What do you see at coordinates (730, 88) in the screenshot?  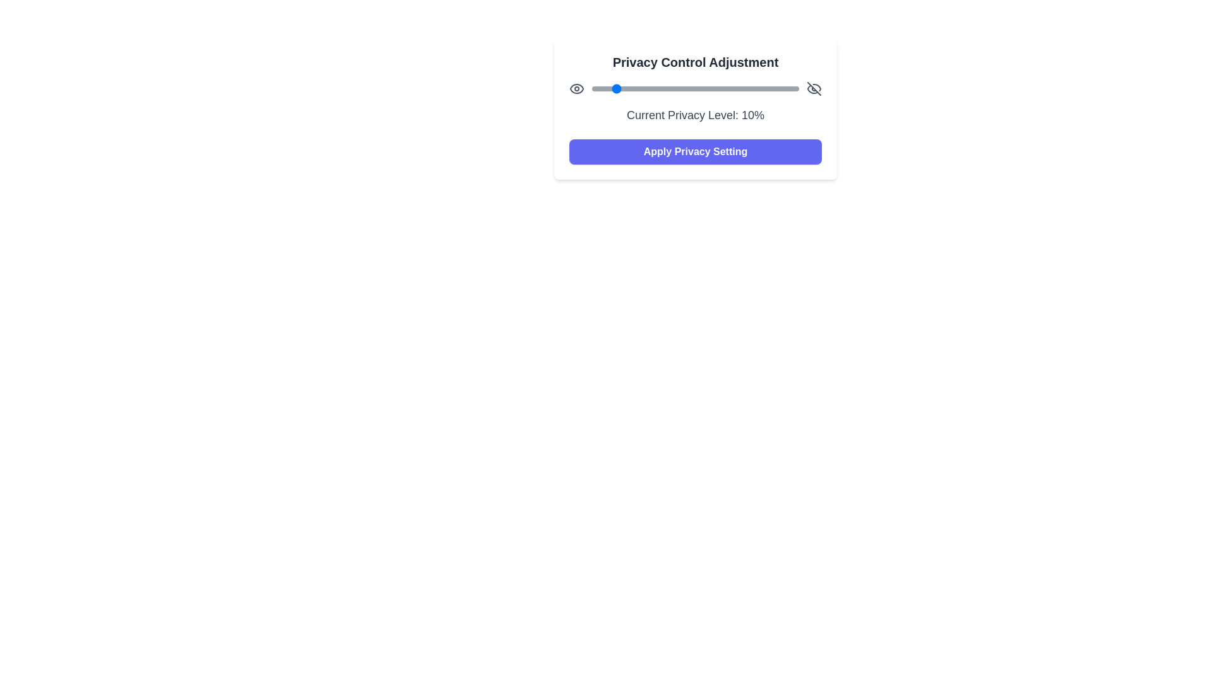 I see `the privacy slider to 67%` at bounding box center [730, 88].